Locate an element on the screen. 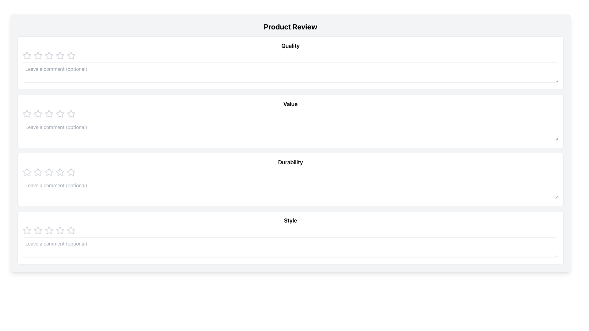  the first star icon in the rating mechanism within the 'Value' section is located at coordinates (26, 114).